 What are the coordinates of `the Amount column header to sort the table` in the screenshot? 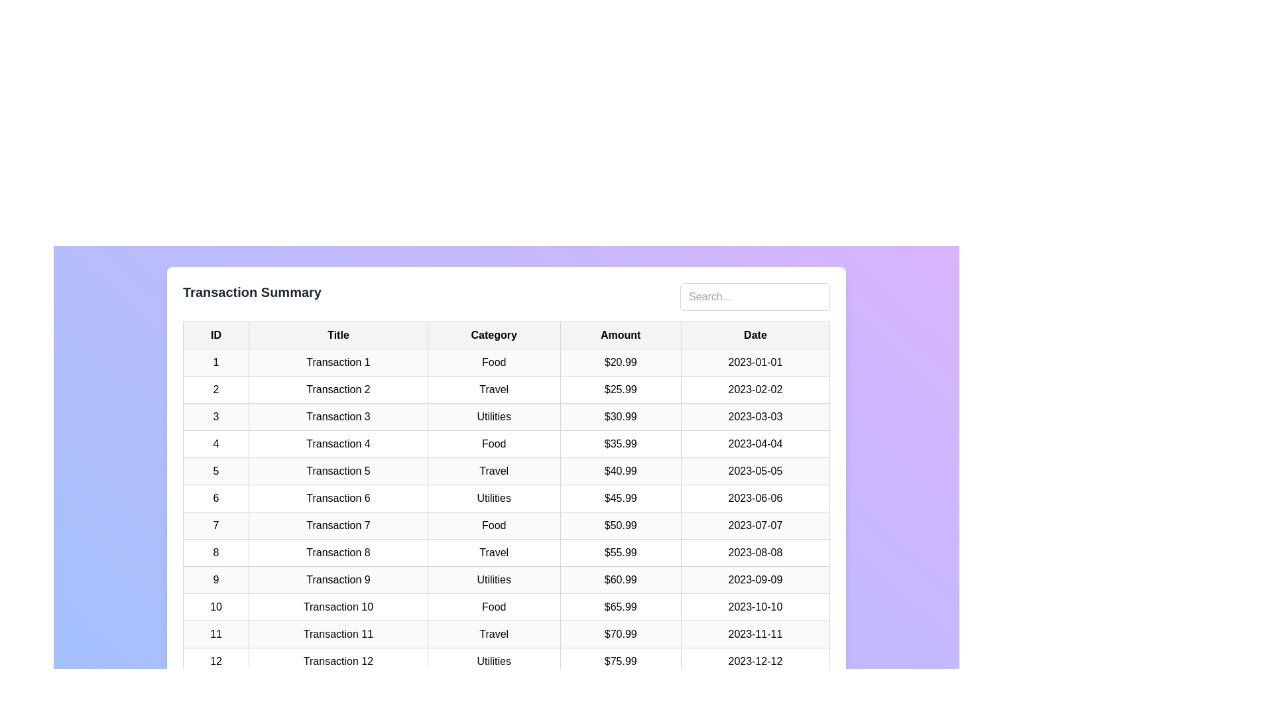 It's located at (620, 334).